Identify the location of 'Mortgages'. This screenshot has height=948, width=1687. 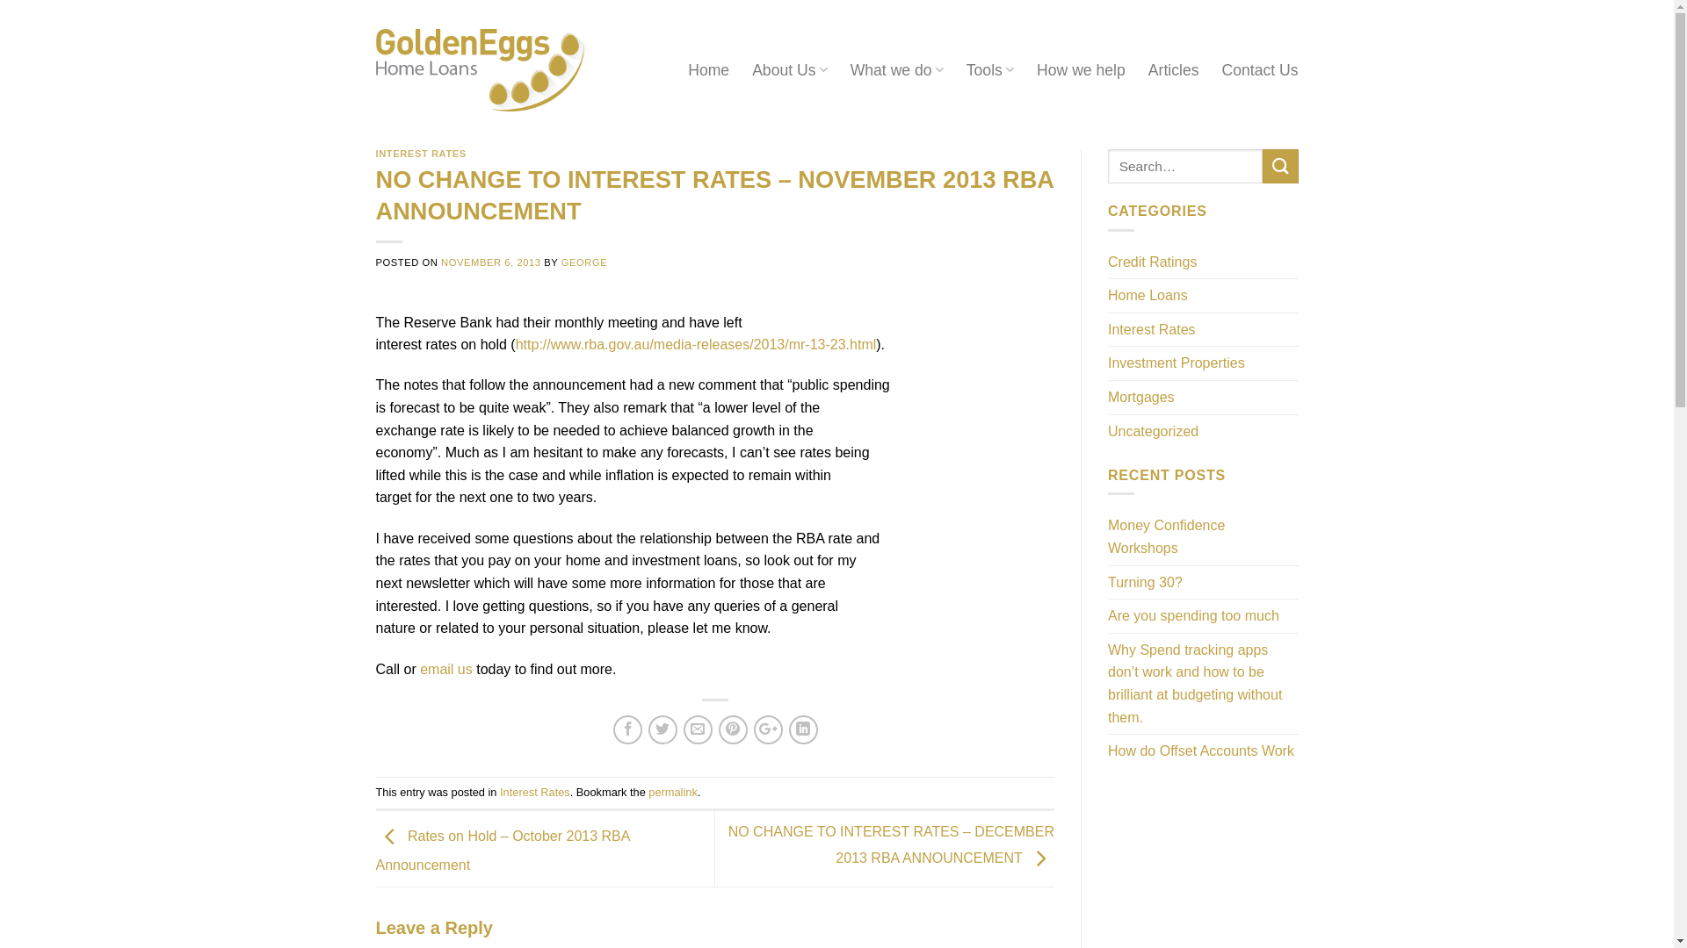
(1141, 397).